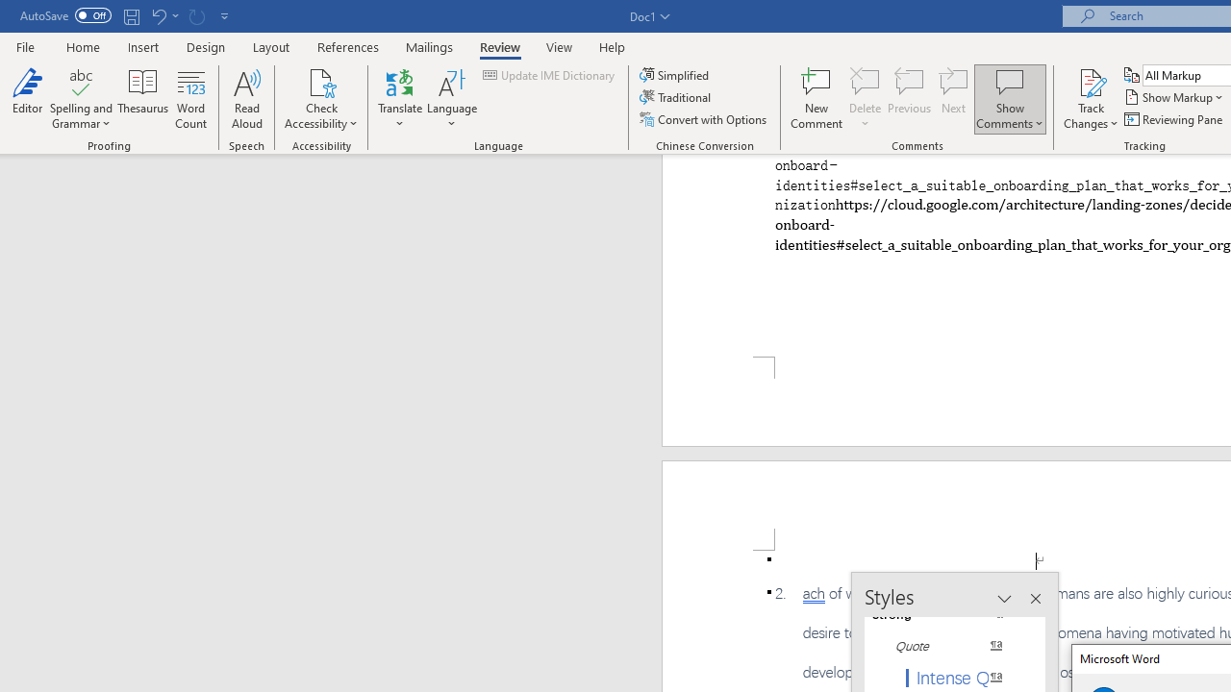 The height and width of the screenshot is (692, 1231). I want to click on 'Delete', so click(865, 81).